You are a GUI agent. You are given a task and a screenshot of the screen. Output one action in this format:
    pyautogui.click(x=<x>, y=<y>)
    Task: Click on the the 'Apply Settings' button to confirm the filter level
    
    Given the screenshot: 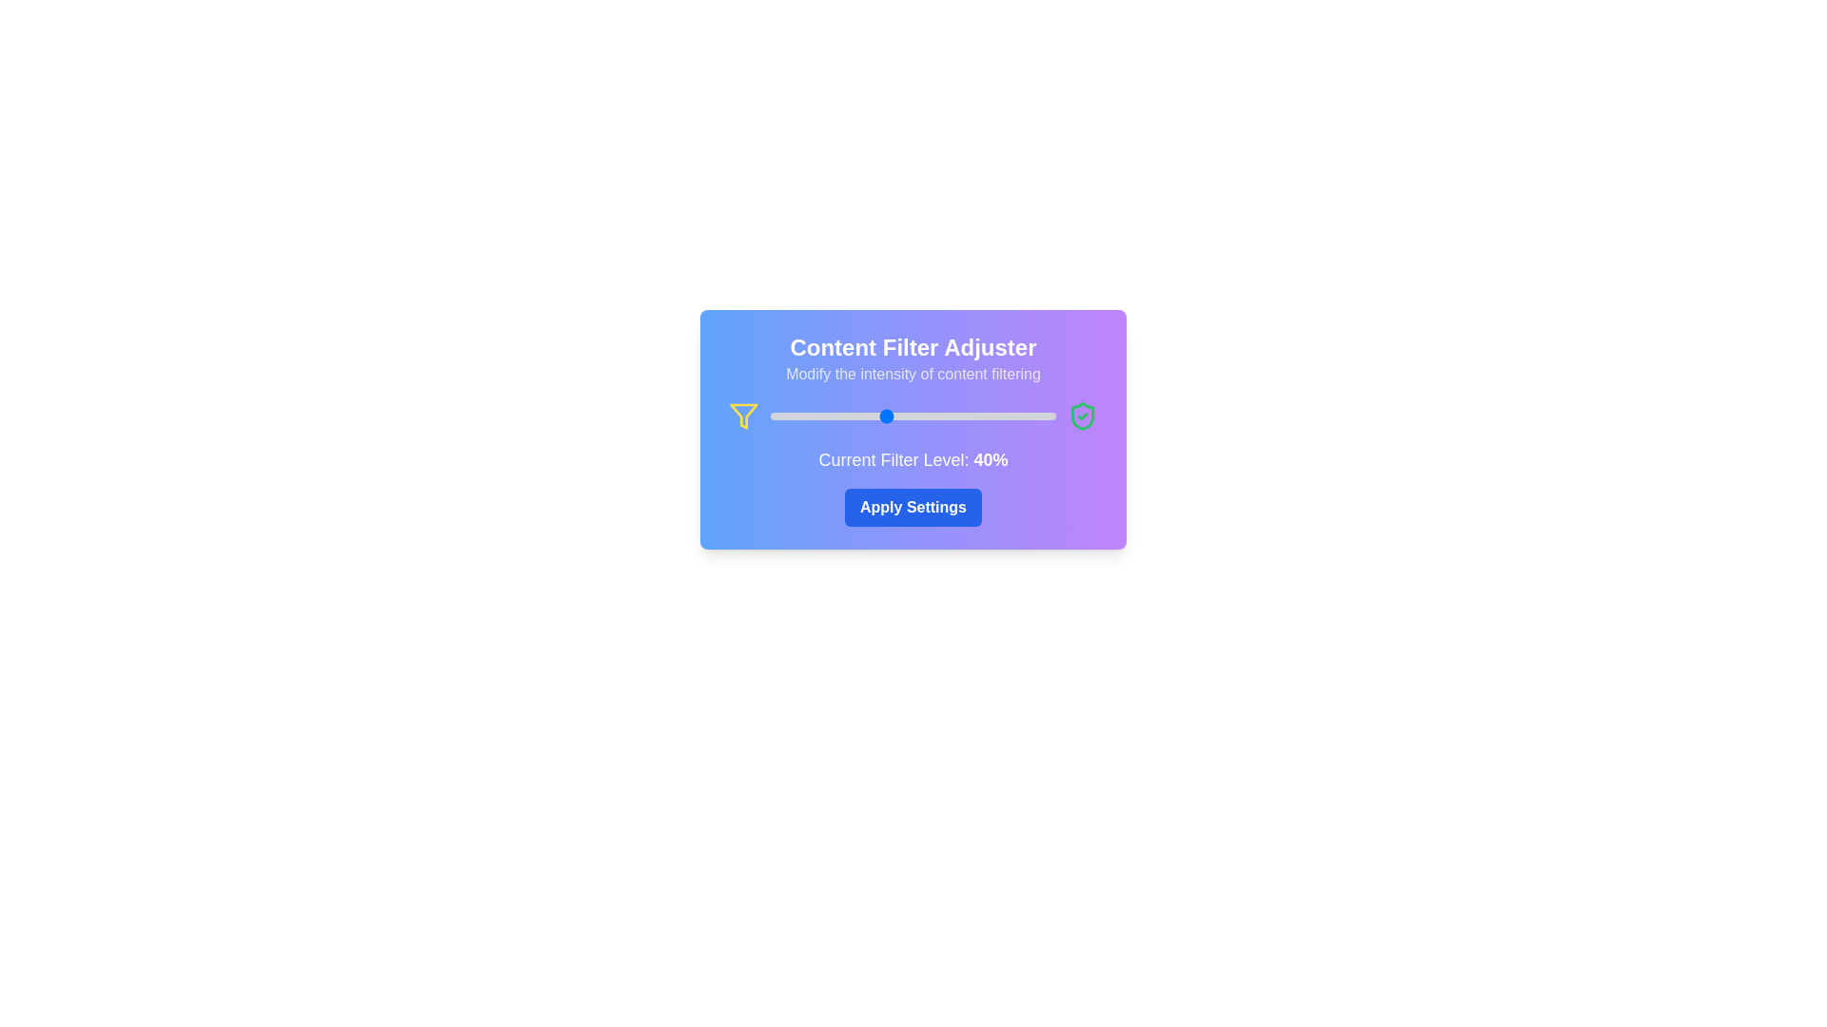 What is the action you would take?
    pyautogui.click(x=913, y=506)
    